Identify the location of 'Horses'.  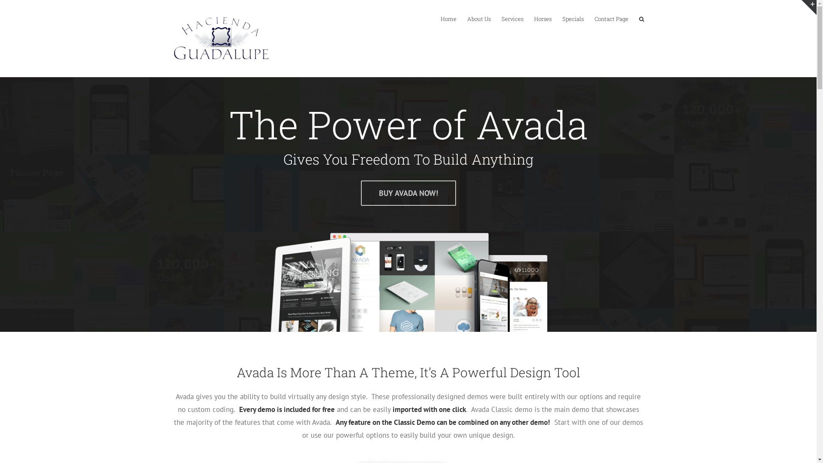
(542, 18).